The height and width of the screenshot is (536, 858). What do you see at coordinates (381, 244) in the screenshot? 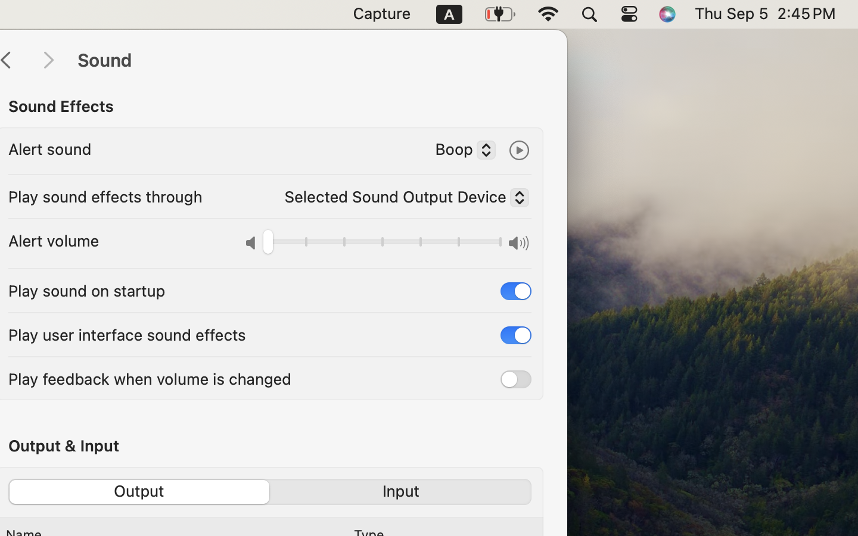
I see `'0.0'` at bounding box center [381, 244].